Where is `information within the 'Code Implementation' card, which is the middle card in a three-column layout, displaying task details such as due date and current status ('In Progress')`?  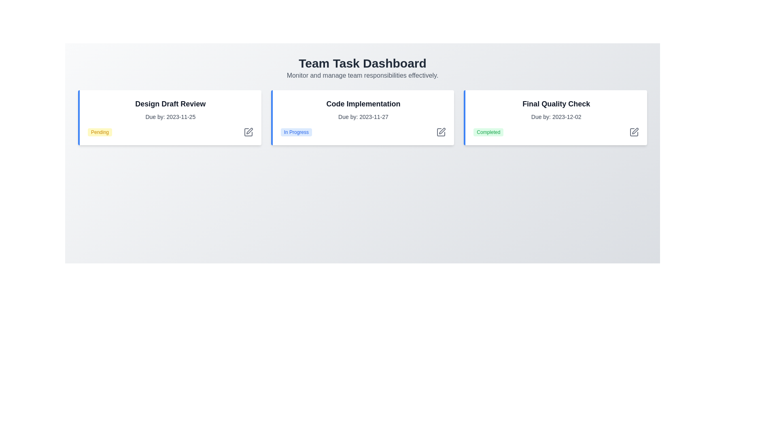
information within the 'Code Implementation' card, which is the middle card in a three-column layout, displaying task details such as due date and current status ('In Progress') is located at coordinates (362, 117).